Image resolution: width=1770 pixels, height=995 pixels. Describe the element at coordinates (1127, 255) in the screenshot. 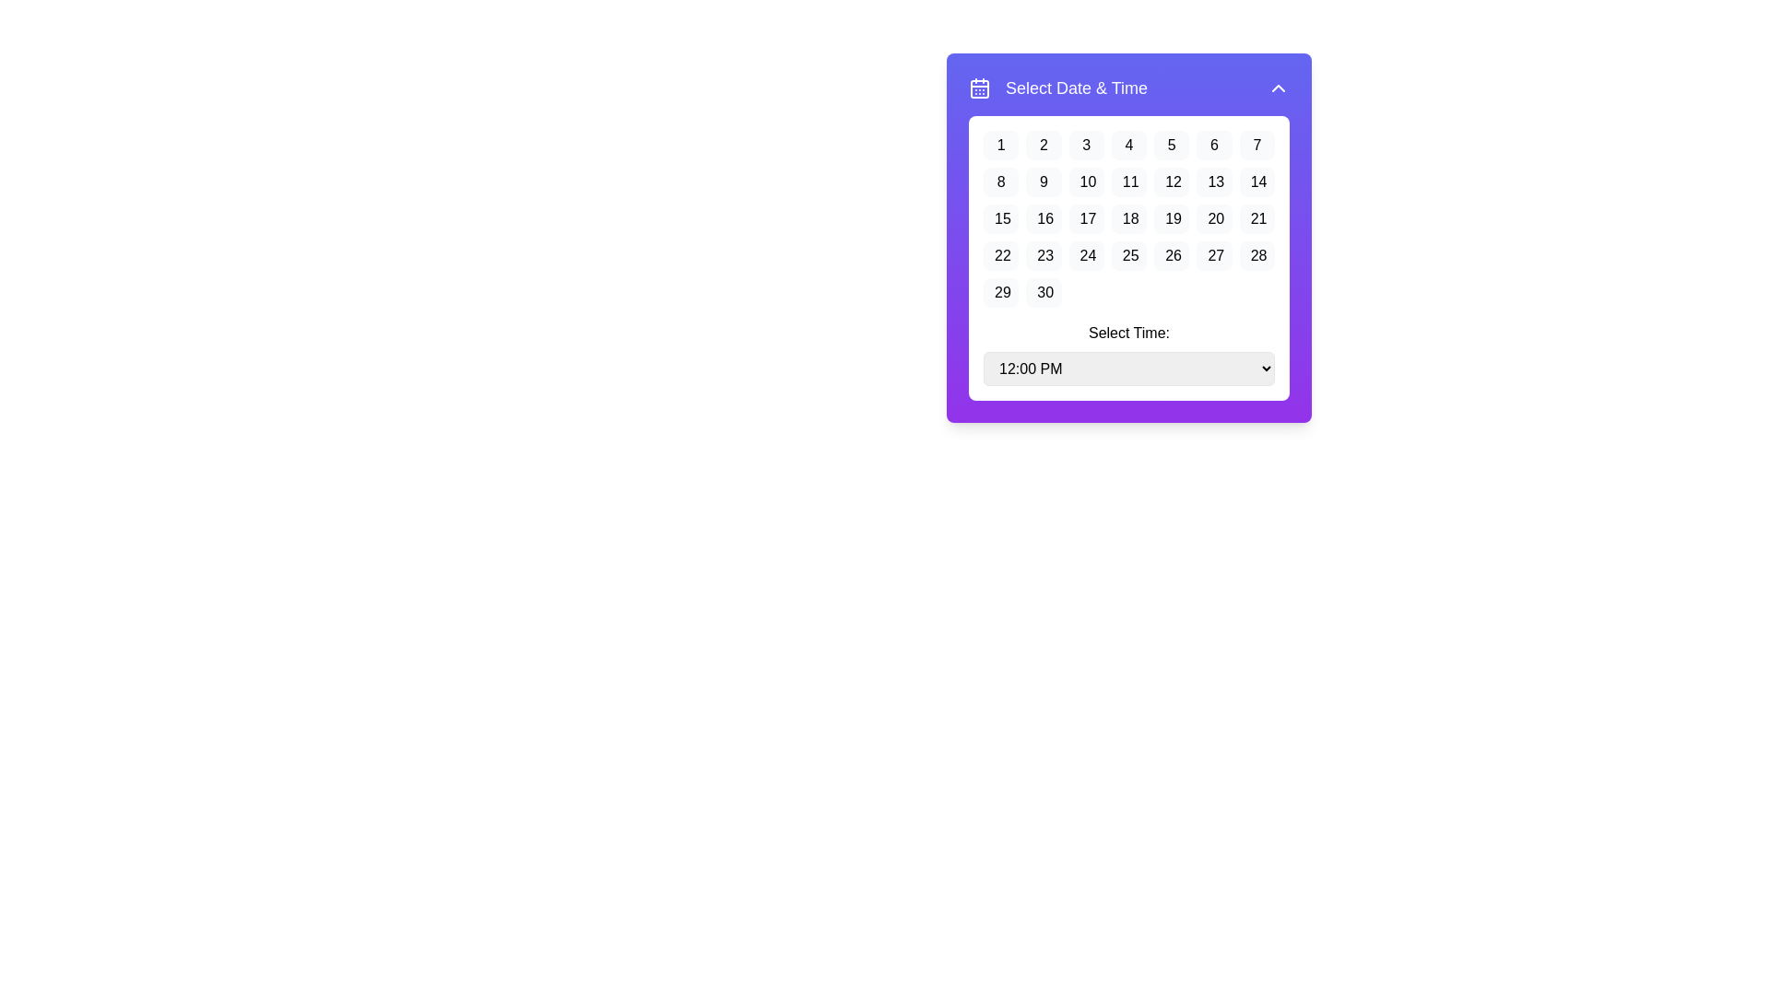

I see `the selectable date button in the calendar view located in the fourth row and fourth column` at that location.